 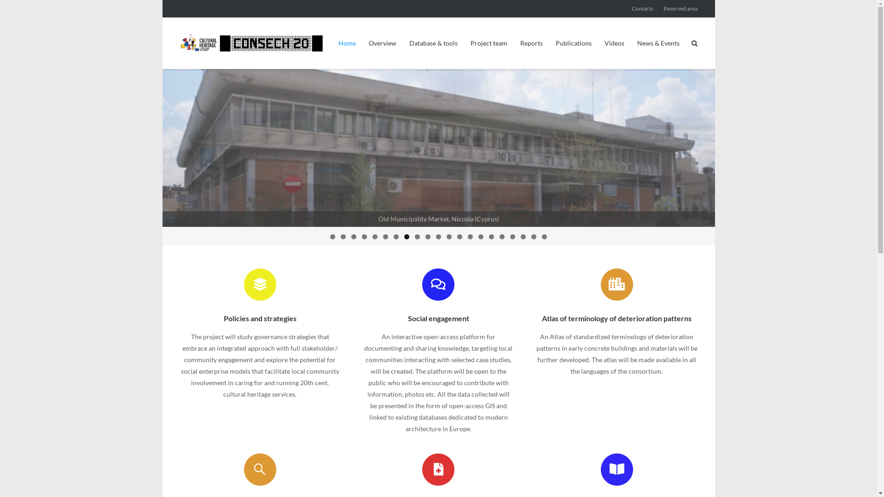 I want to click on 'Project team', so click(x=488, y=43).